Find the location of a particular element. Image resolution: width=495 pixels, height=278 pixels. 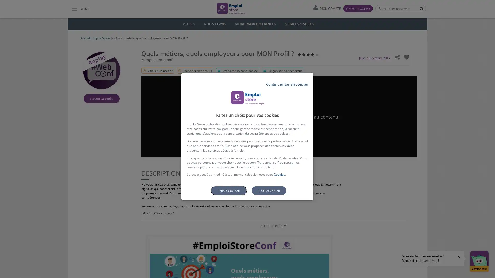

Tout accepter is located at coordinates (268, 190).